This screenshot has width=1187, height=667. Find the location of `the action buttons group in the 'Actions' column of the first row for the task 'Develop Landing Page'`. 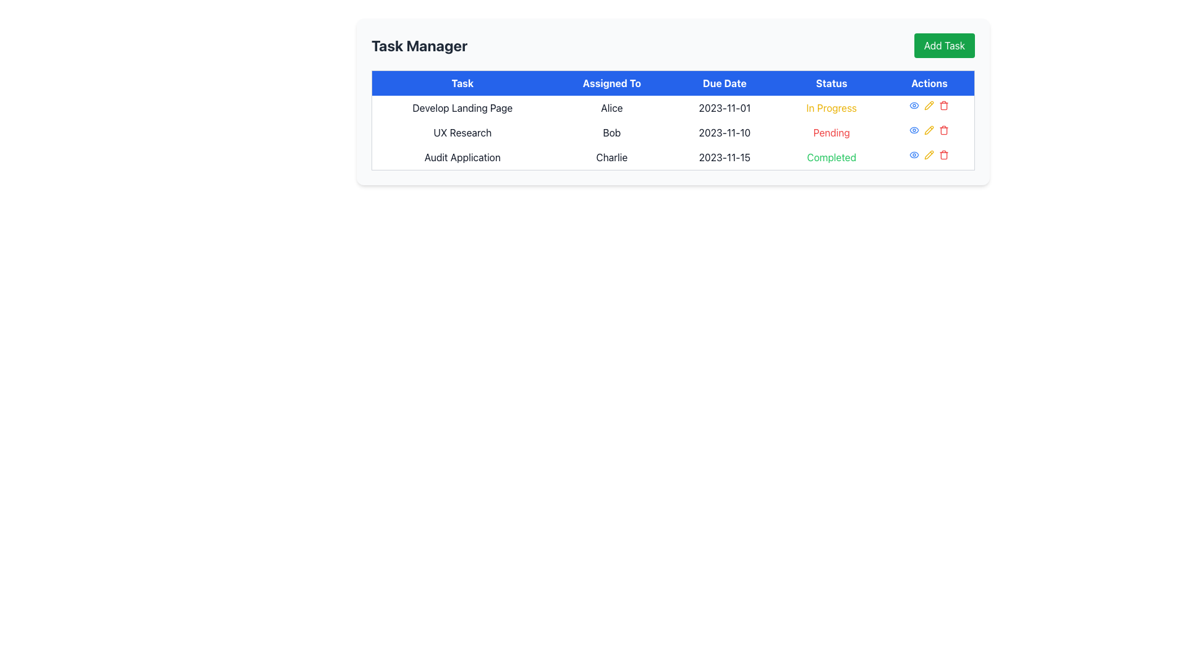

the action buttons group in the 'Actions' column of the first row for the task 'Develop Landing Page' is located at coordinates (929, 104).